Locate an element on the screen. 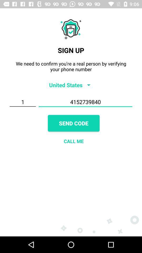 The image size is (142, 253). the 1 item is located at coordinates (22, 102).